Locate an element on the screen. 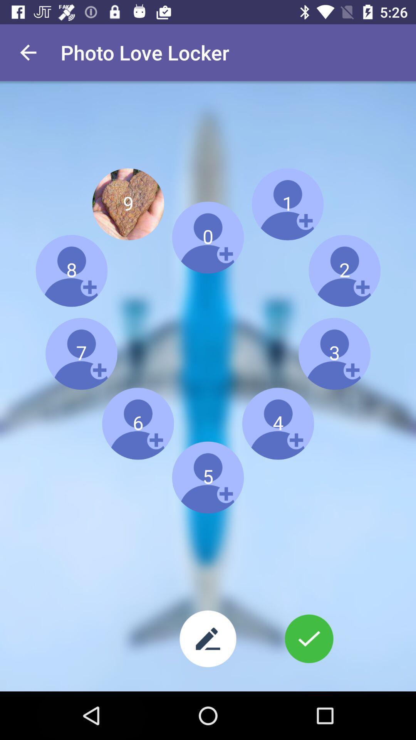 The height and width of the screenshot is (740, 416). item at the top left corner is located at coordinates (28, 52).